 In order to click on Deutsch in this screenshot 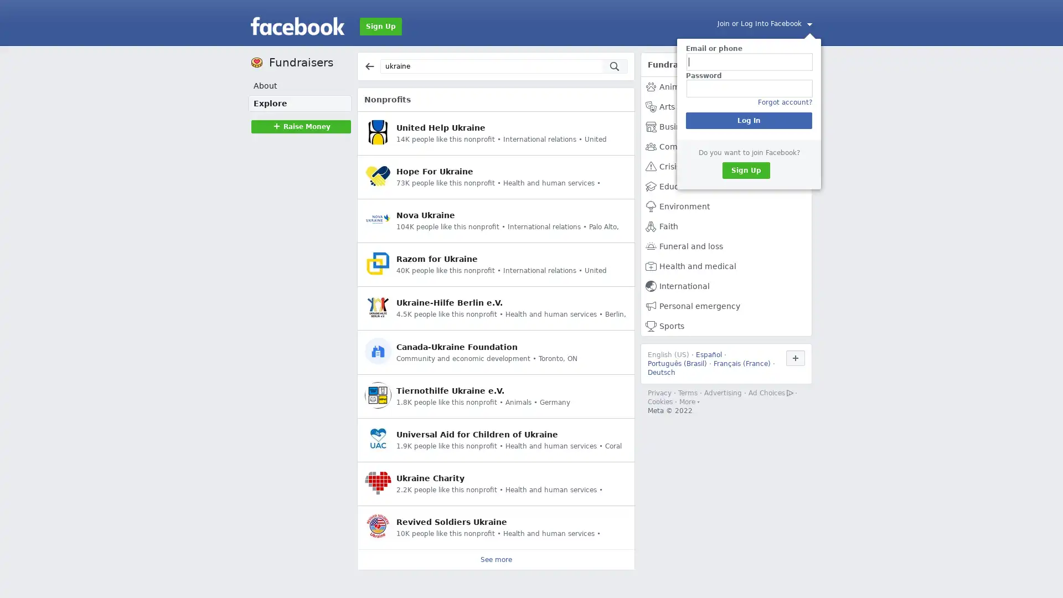, I will do `click(662, 372)`.